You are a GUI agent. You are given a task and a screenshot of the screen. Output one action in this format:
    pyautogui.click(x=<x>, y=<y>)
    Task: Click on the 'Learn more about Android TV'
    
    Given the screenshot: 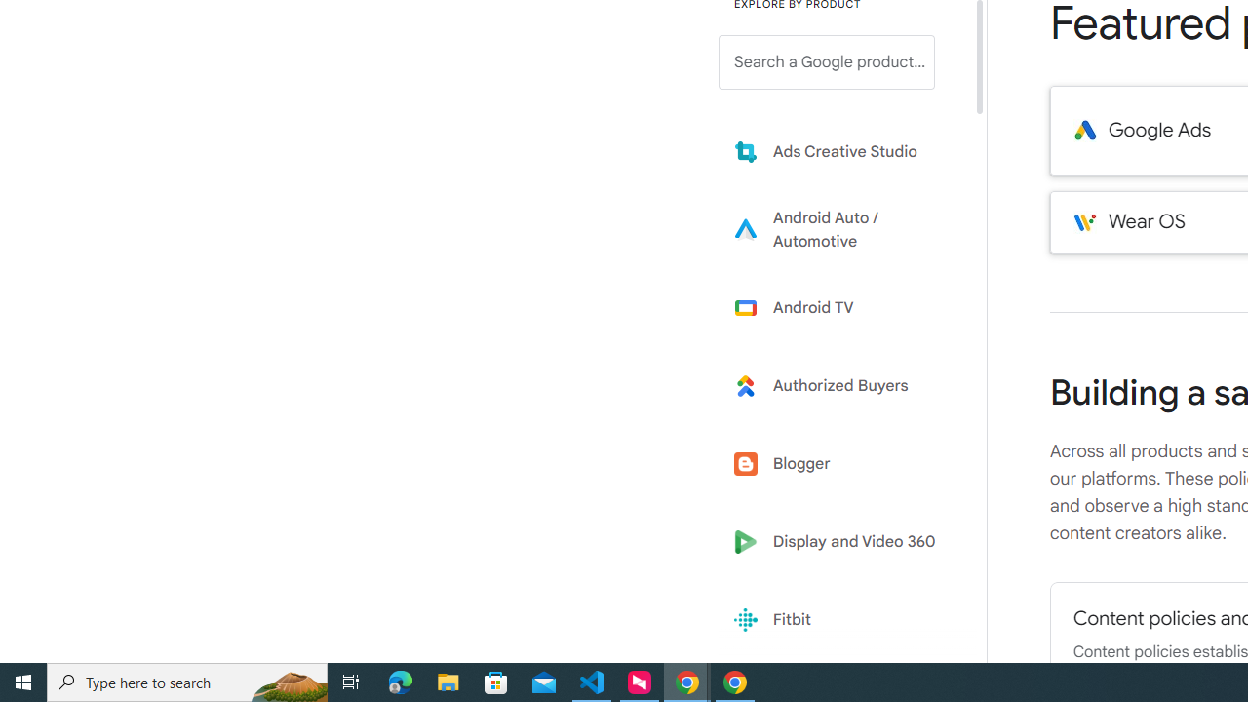 What is the action you would take?
    pyautogui.click(x=840, y=307)
    